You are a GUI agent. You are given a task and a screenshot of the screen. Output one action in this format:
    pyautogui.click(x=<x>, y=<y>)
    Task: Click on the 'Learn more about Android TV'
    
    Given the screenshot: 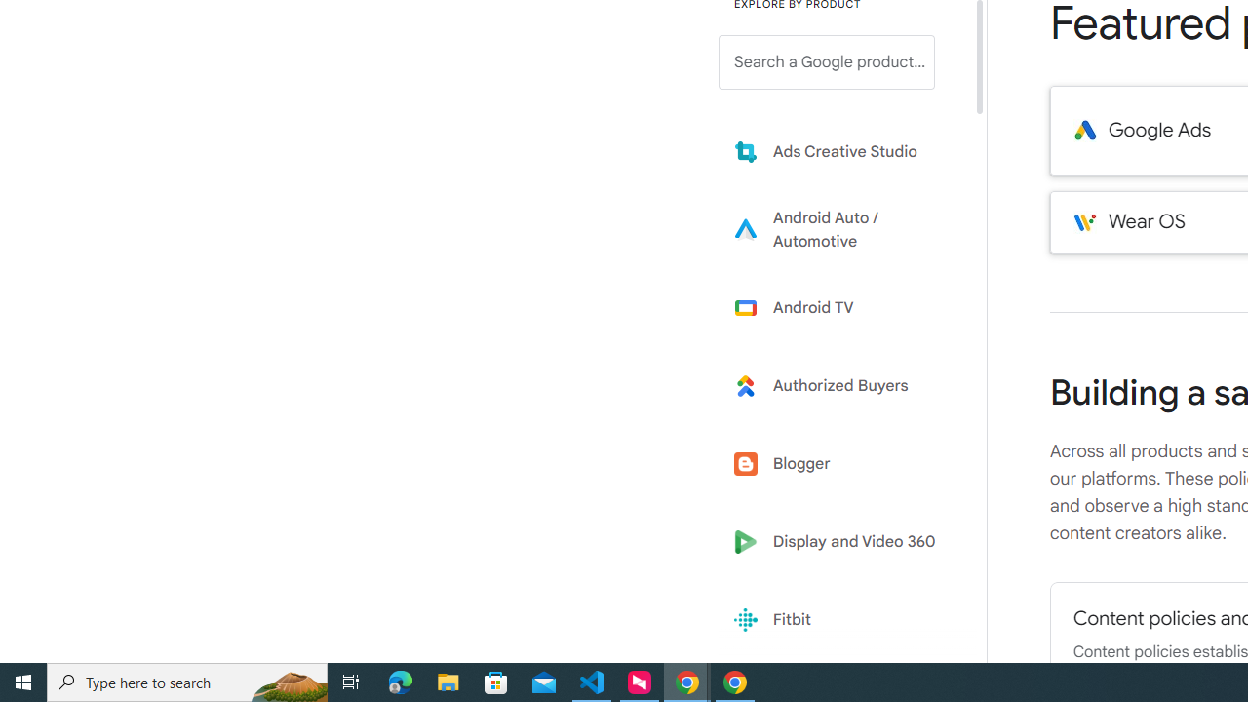 What is the action you would take?
    pyautogui.click(x=840, y=307)
    